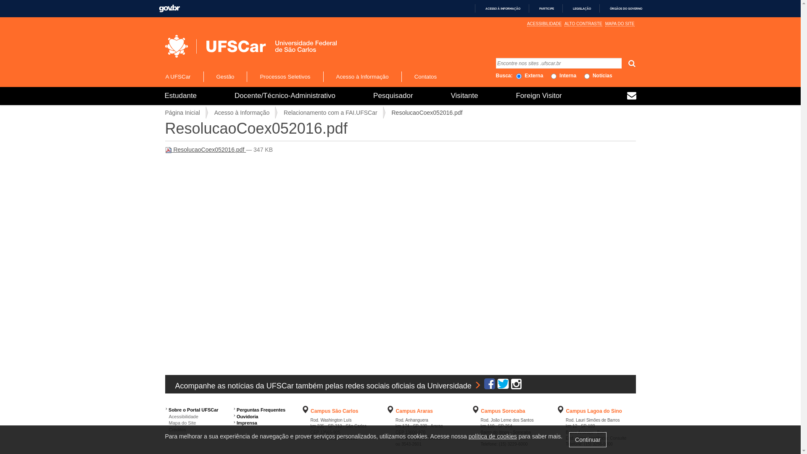  What do you see at coordinates (618, 438) in the screenshot?
I see `'Consulte'` at bounding box center [618, 438].